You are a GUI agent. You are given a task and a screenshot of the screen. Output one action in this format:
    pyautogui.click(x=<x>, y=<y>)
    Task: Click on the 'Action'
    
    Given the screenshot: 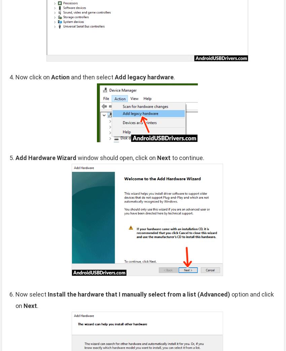 What is the action you would take?
    pyautogui.click(x=60, y=77)
    